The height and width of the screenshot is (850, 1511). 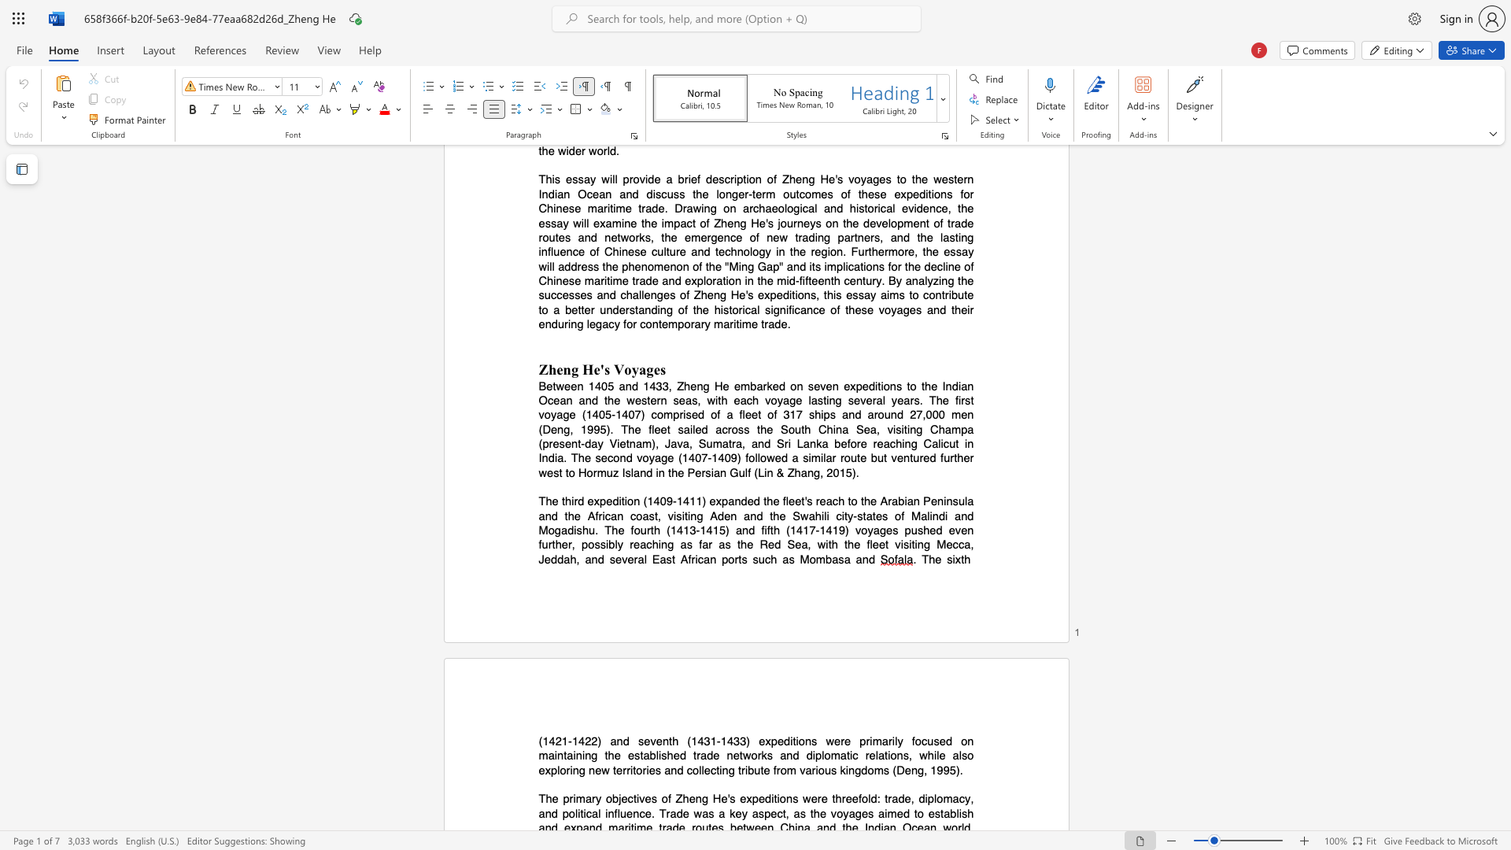 What do you see at coordinates (665, 813) in the screenshot?
I see `the space between the continuous character "T" and "r" in the text` at bounding box center [665, 813].